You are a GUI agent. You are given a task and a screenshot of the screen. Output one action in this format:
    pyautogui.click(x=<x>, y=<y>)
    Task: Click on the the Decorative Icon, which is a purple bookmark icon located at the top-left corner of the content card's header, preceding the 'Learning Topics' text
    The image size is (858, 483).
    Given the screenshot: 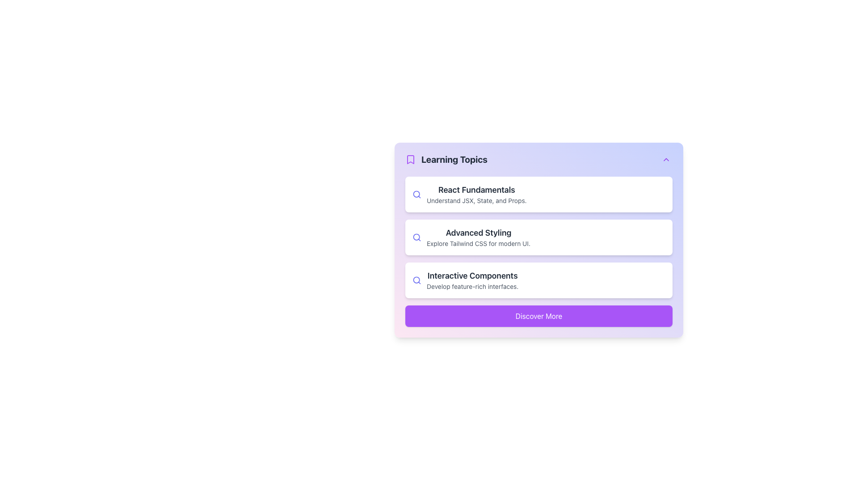 What is the action you would take?
    pyautogui.click(x=410, y=159)
    